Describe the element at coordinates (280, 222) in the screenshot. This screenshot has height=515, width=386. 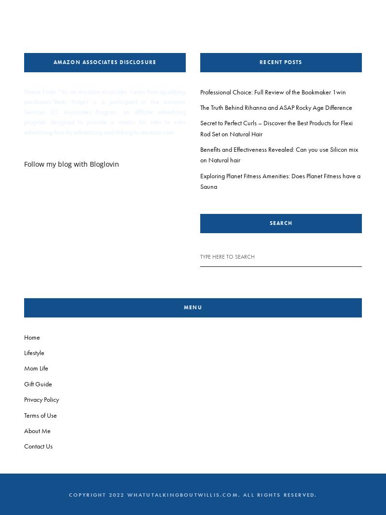
I see `'Search'` at that location.